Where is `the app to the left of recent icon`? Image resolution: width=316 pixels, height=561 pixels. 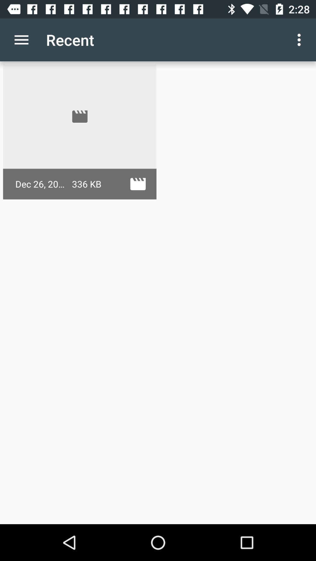
the app to the left of recent icon is located at coordinates (21, 39).